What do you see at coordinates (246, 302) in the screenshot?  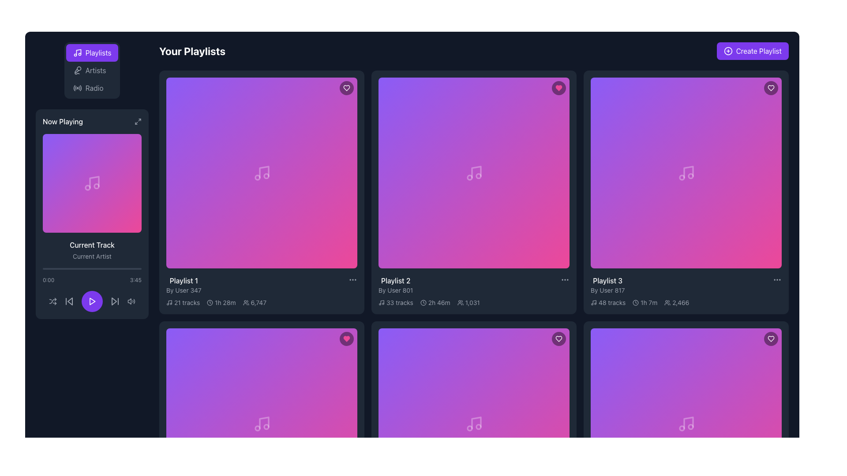 I see `the user icon, which is a minimalistic outline depicting a group of people, located in the lower part of the first playlist card in the grid` at bounding box center [246, 302].